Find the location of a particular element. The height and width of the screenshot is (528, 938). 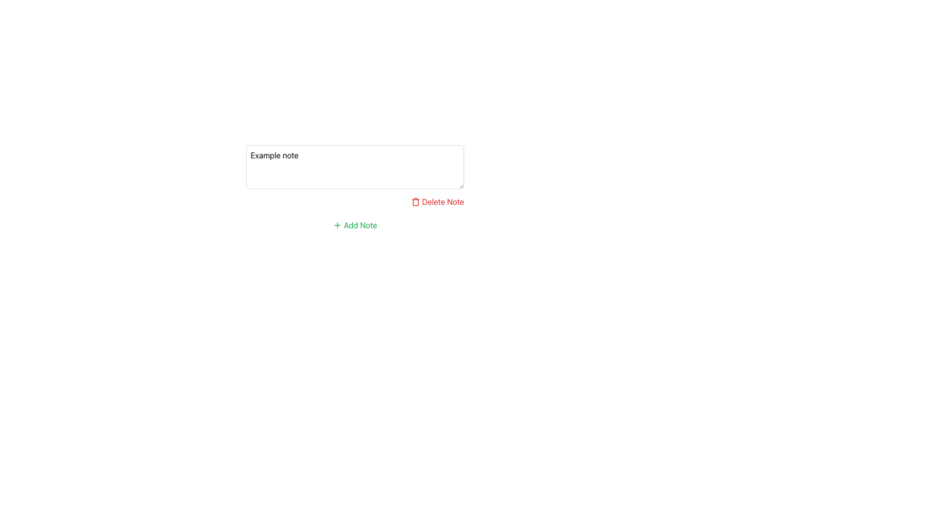

the green 'plus' icon button located to the left of the 'Add Note' text by moving the cursor to its center point is located at coordinates (338, 225).